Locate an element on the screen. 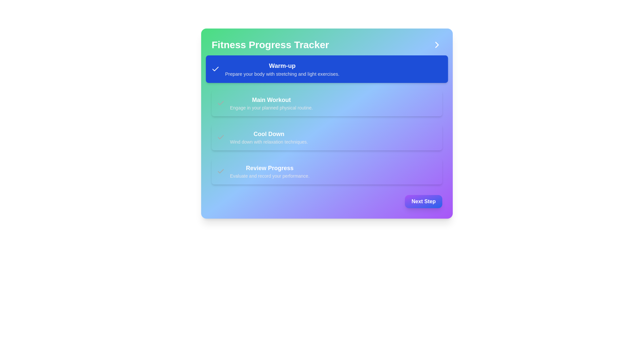  the status represented by the small checkmark icon located within the third card titled 'Cool Down' in the fitness progress tracker interface is located at coordinates (220, 103).